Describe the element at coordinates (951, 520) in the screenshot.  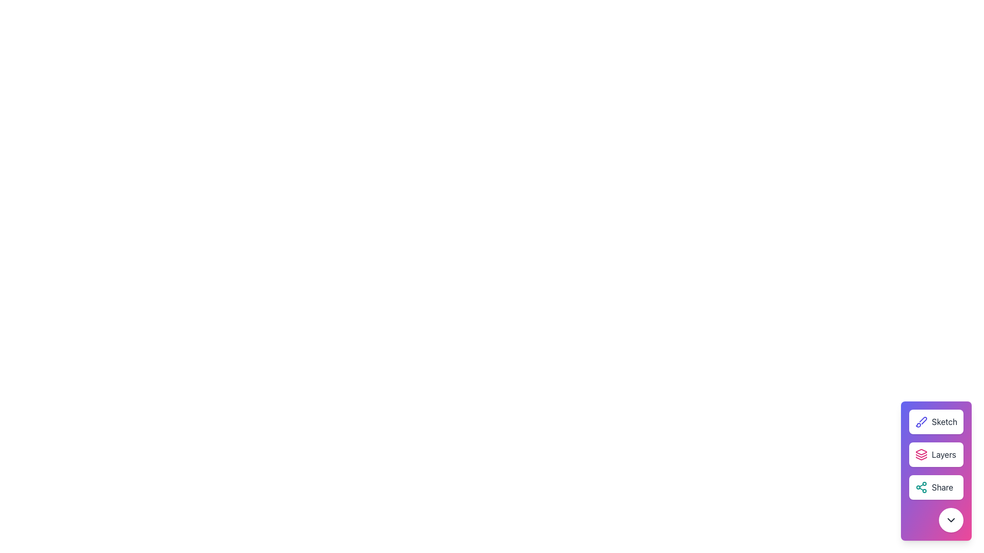
I see `the toggle button located underneath the 'Share' button in the vertical panel` at that location.